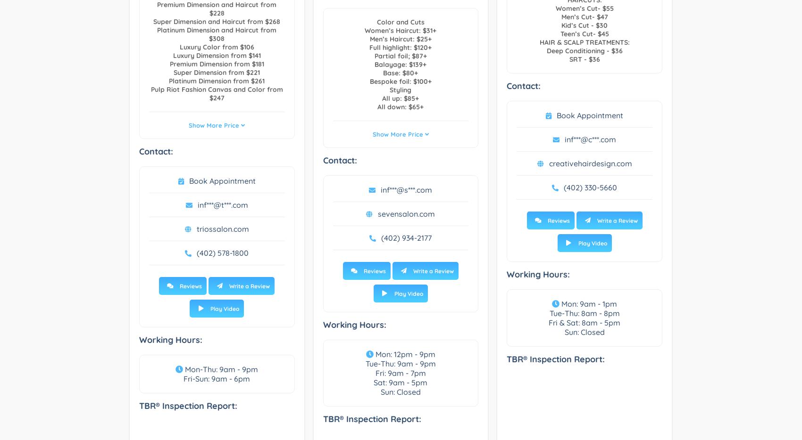 This screenshot has height=440, width=802. What do you see at coordinates (587, 304) in the screenshot?
I see `'Mon: 9am - 1pm'` at bounding box center [587, 304].